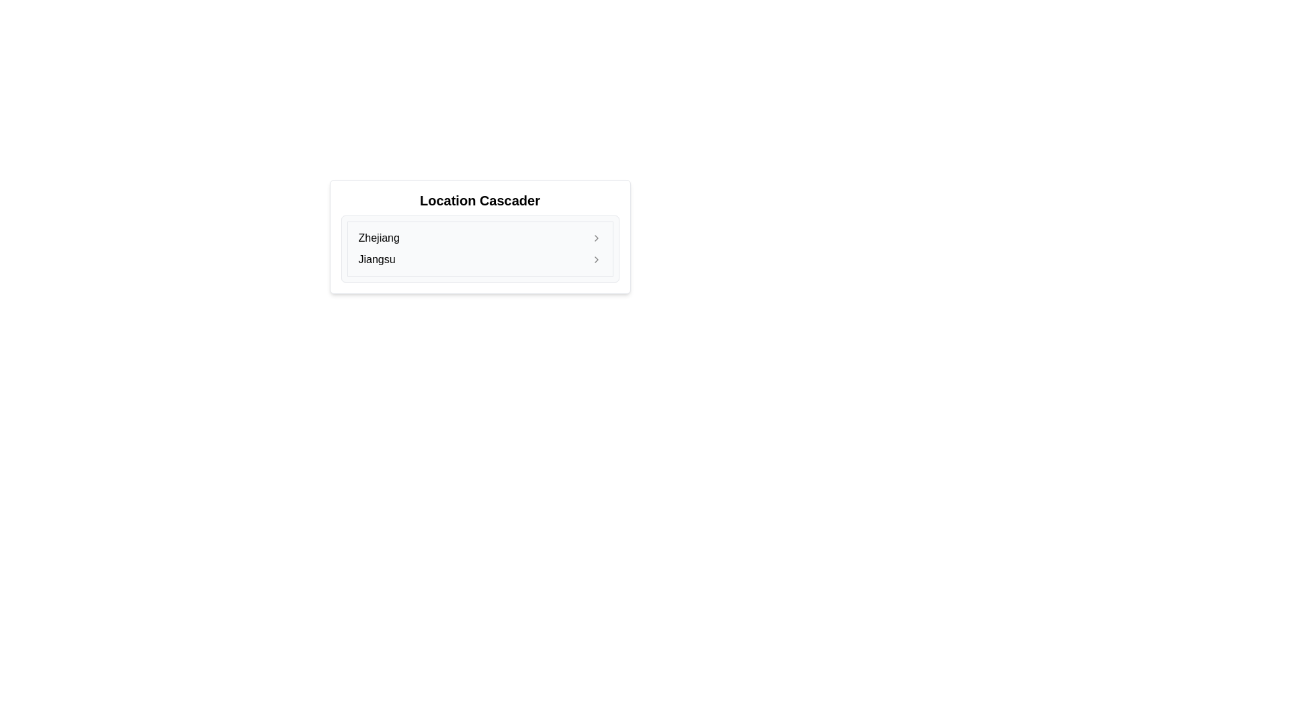 The image size is (1290, 725). Describe the element at coordinates (595, 237) in the screenshot. I see `the rightward-pointing chevron SVG icon located to the far right of the 'Zhejiang' label` at that location.